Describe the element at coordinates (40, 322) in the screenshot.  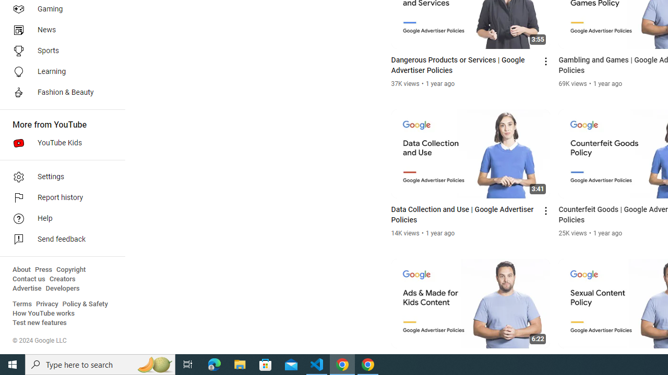
I see `'Test new features'` at that location.